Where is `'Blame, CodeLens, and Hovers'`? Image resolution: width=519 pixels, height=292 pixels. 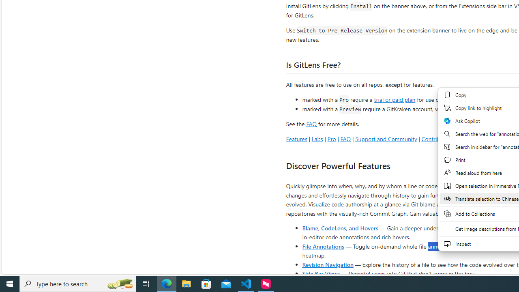 'Blame, CodeLens, and Hovers' is located at coordinates (340, 228).